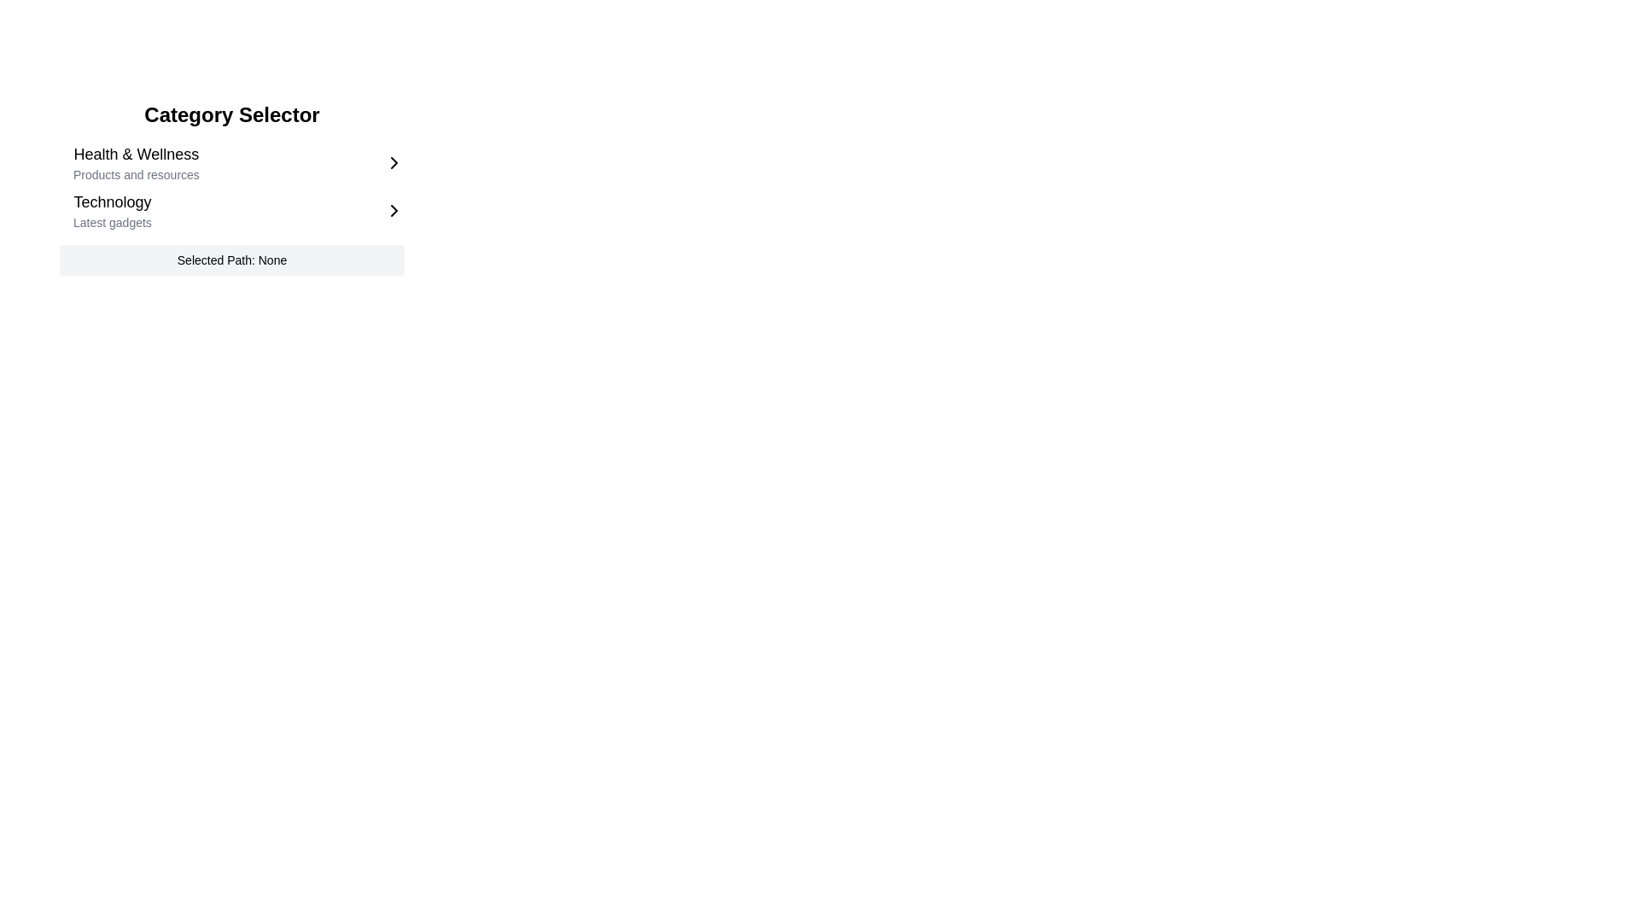 The image size is (1639, 922). I want to click on the list item labeled 'Health & Wellness' with a subtitle 'Products and resources' to navigate through the keyboard, so click(231, 163).